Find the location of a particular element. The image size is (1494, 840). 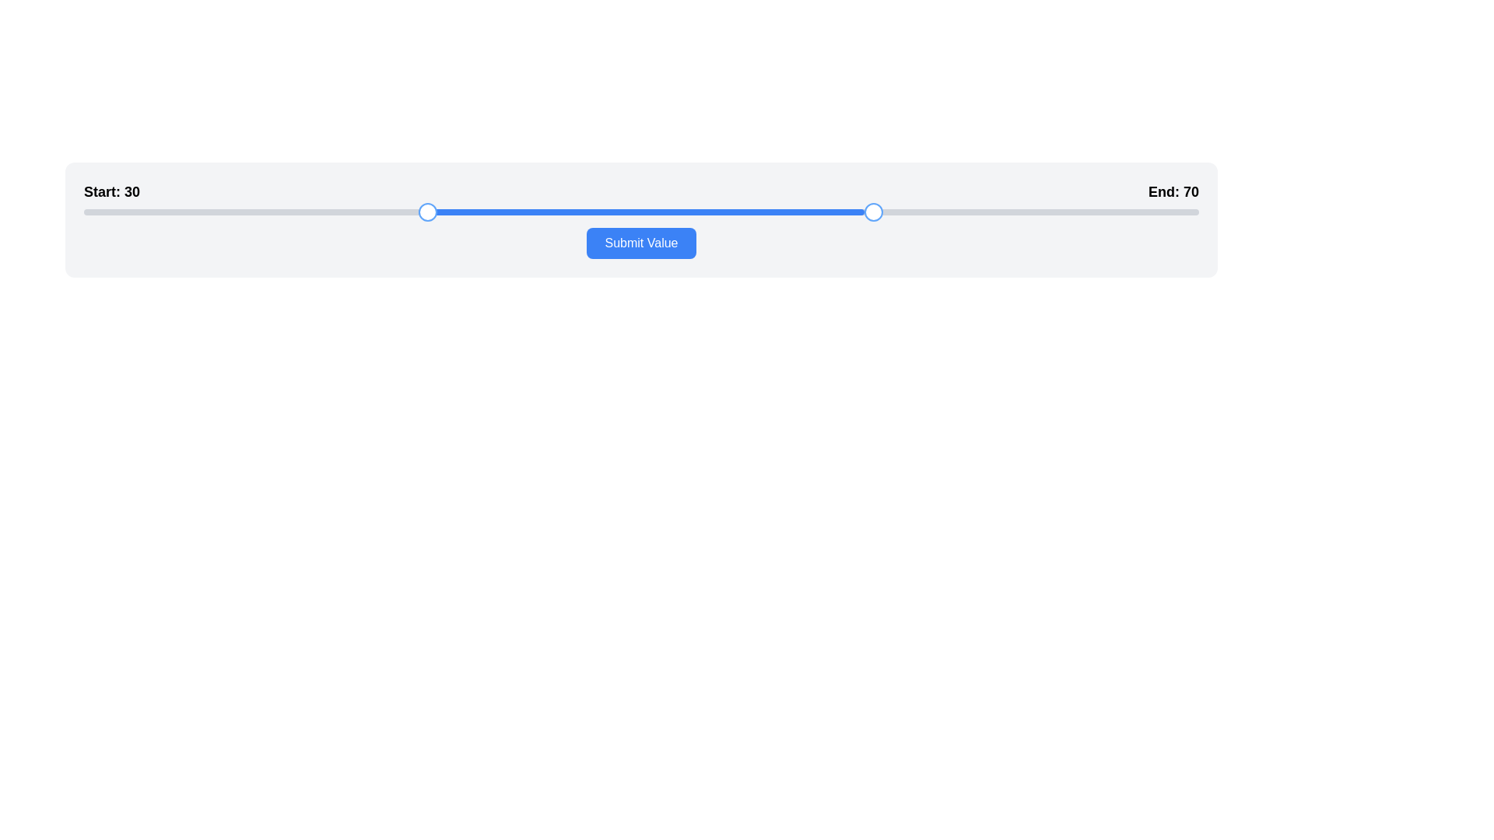

slider position is located at coordinates (369, 212).